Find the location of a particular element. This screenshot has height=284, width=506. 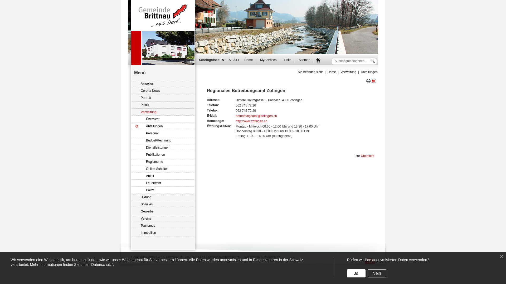

'Publikationen' is located at coordinates (163, 154).